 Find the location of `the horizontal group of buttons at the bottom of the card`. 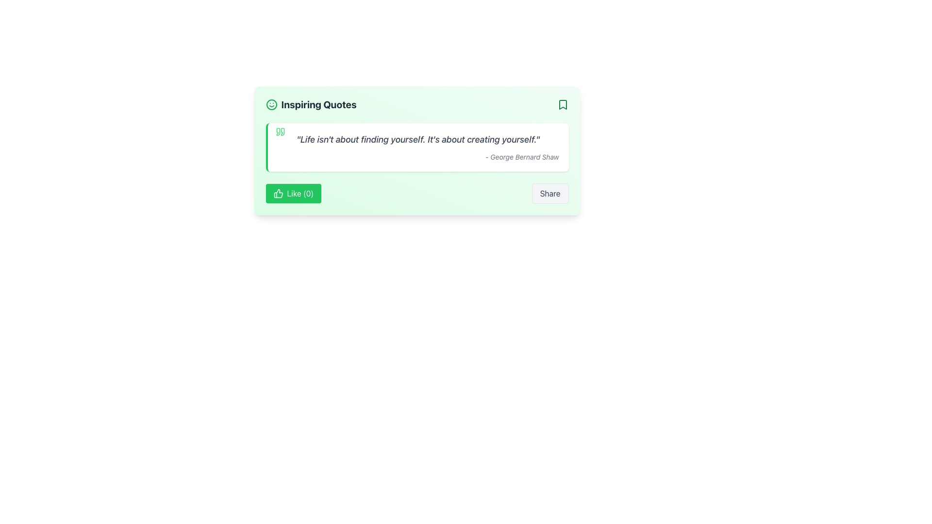

the horizontal group of buttons at the bottom of the card is located at coordinates (417, 193).